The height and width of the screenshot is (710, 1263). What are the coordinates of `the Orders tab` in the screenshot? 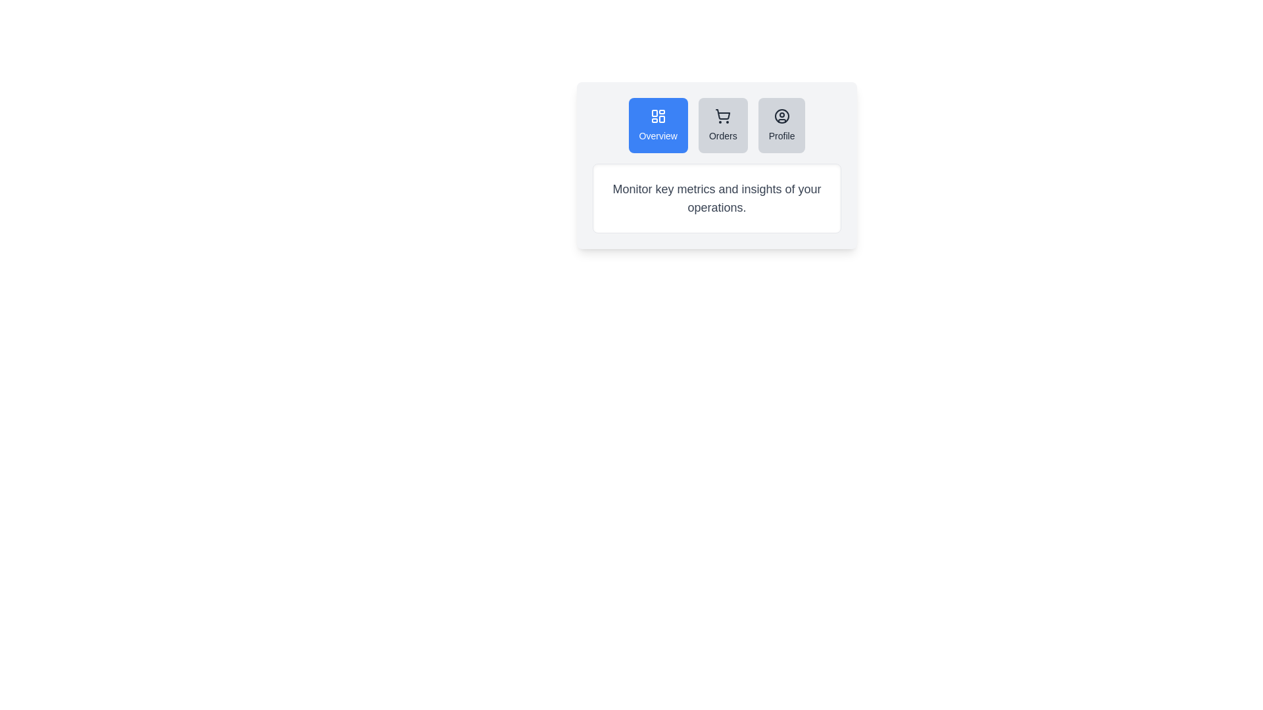 It's located at (722, 126).